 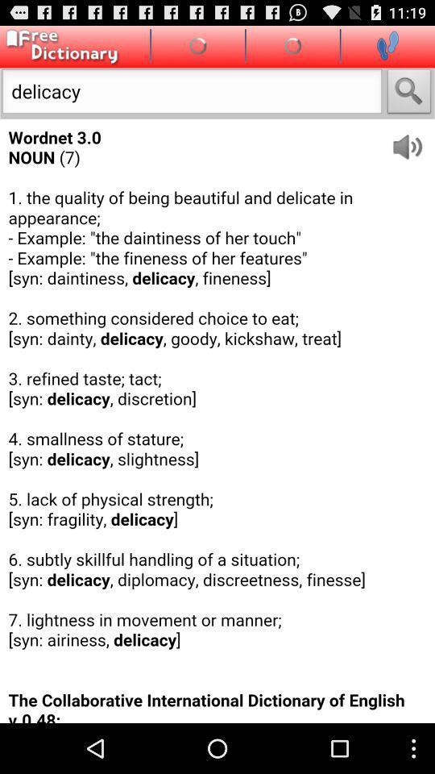 What do you see at coordinates (409, 93) in the screenshot?
I see `search for word` at bounding box center [409, 93].